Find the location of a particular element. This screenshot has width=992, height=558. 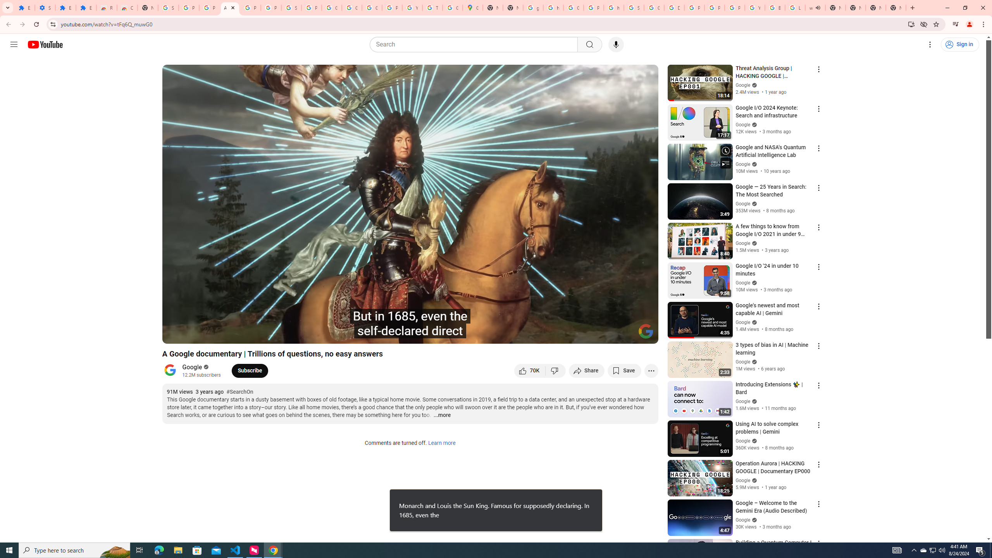

'Extensions' is located at coordinates (25, 7).